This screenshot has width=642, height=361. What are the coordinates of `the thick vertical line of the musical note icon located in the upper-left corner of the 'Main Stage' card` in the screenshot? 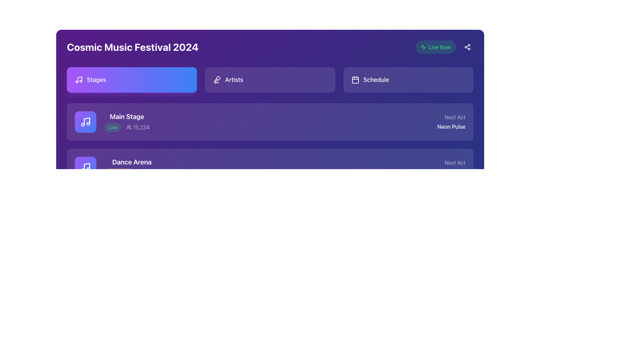 It's located at (86, 121).